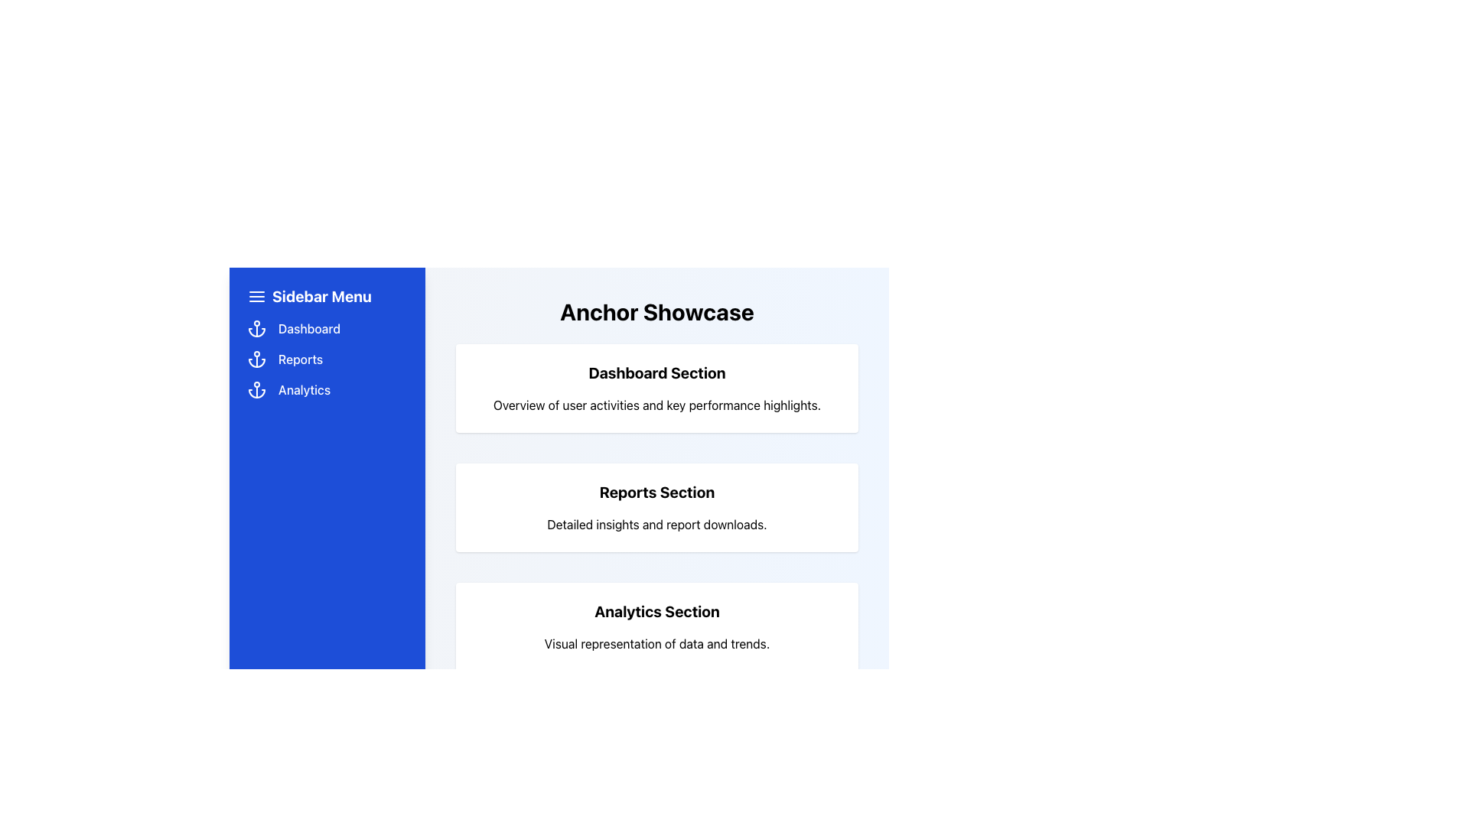 Image resolution: width=1469 pixels, height=826 pixels. I want to click on the 'Reports Section' text label, which is styled in bold and large font, located at the top of the second card in the vertically stacked list, so click(657, 493).